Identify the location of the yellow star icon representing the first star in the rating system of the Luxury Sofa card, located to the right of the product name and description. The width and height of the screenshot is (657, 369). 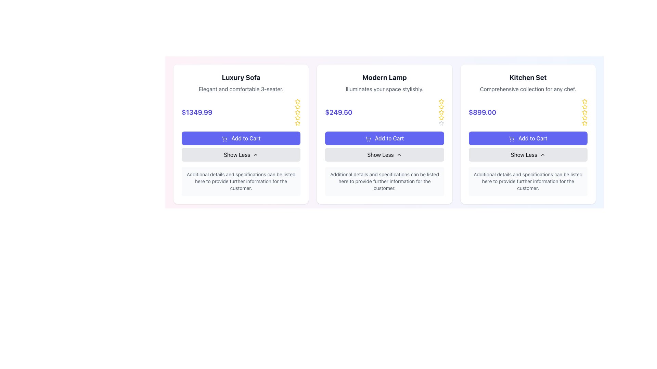
(298, 101).